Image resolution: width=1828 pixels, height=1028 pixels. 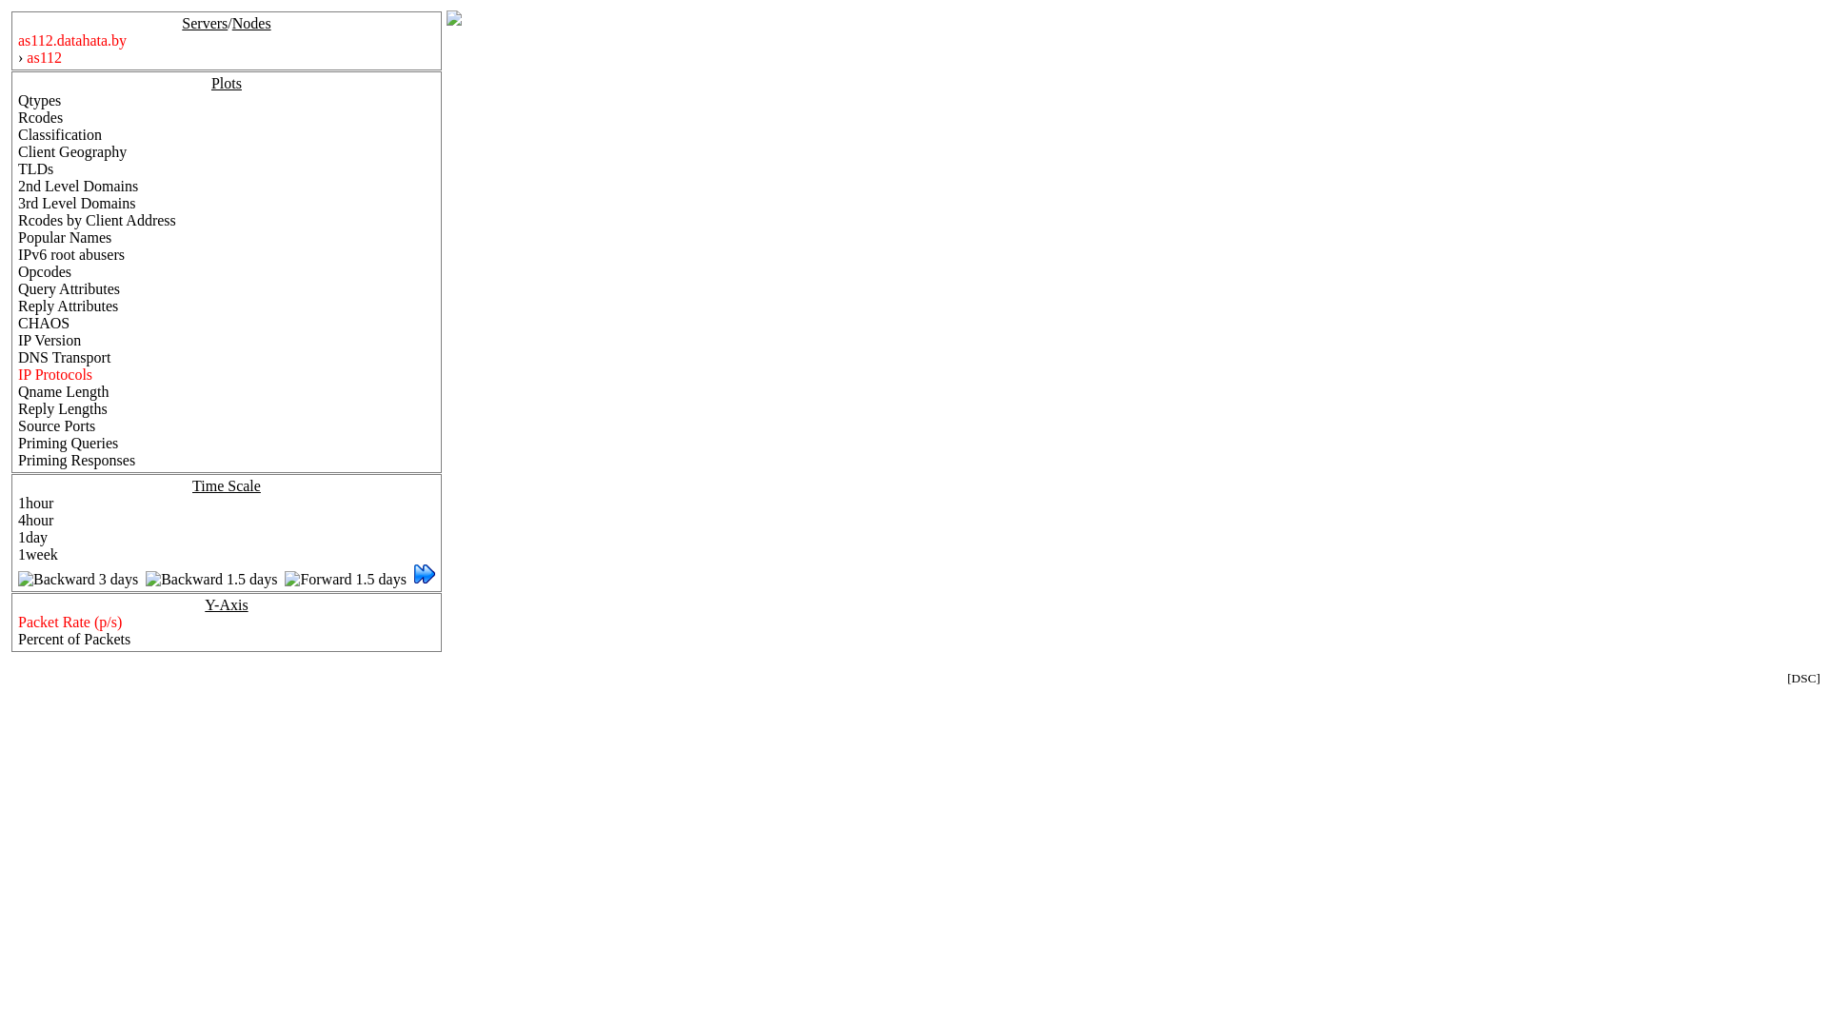 What do you see at coordinates (18, 288) in the screenshot?
I see `'Query Attributes'` at bounding box center [18, 288].